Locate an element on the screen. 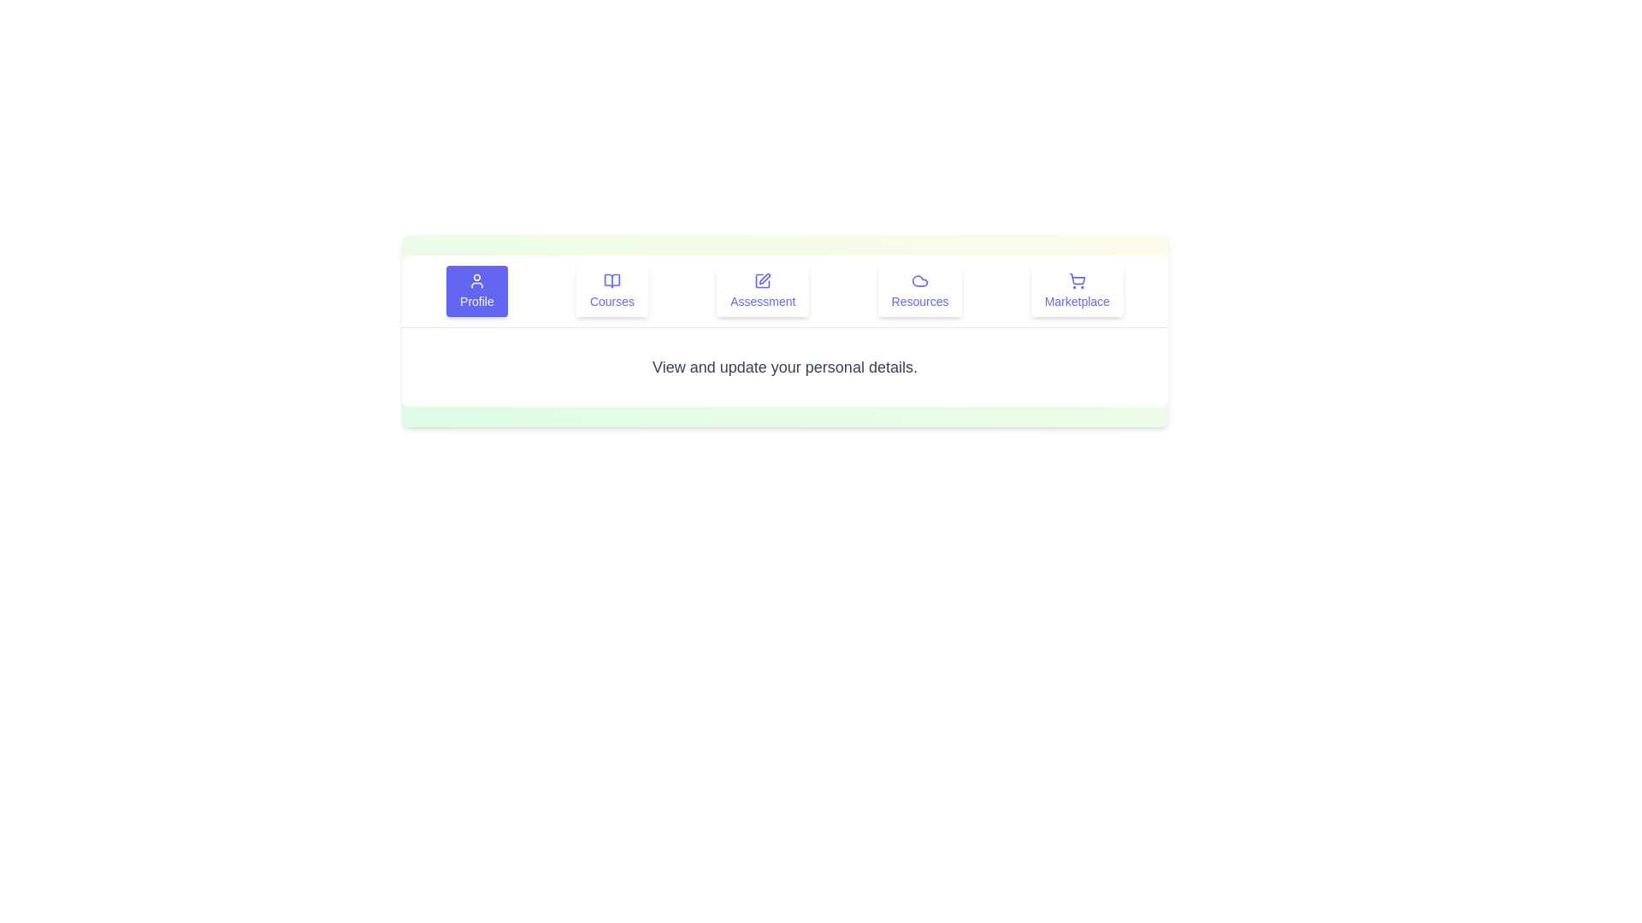  the profile icon located is located at coordinates (476, 279).